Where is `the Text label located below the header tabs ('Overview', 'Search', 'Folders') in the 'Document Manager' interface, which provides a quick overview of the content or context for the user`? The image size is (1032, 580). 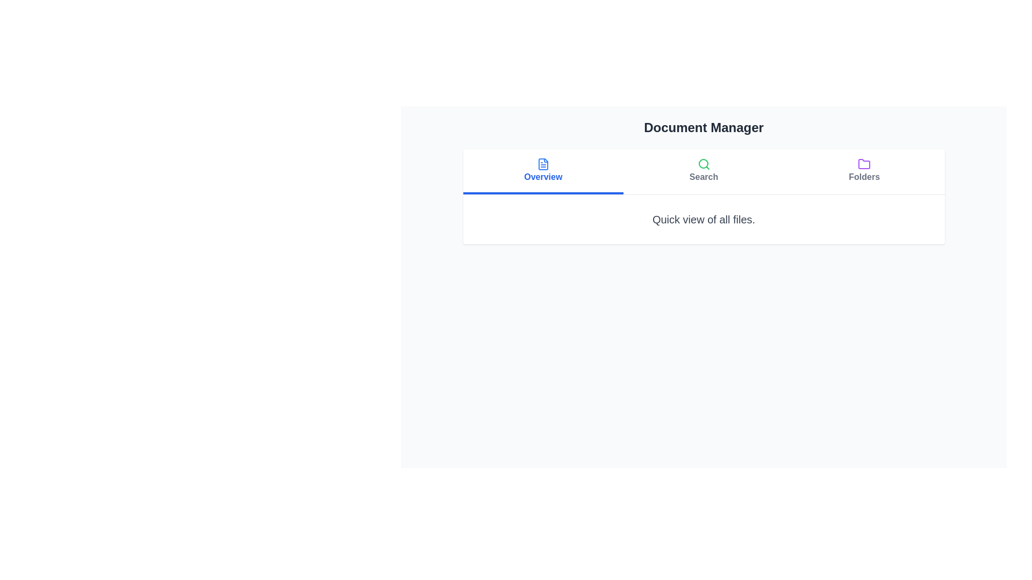 the Text label located below the header tabs ('Overview', 'Search', 'Folders') in the 'Document Manager' interface, which provides a quick overview of the content or context for the user is located at coordinates (704, 219).